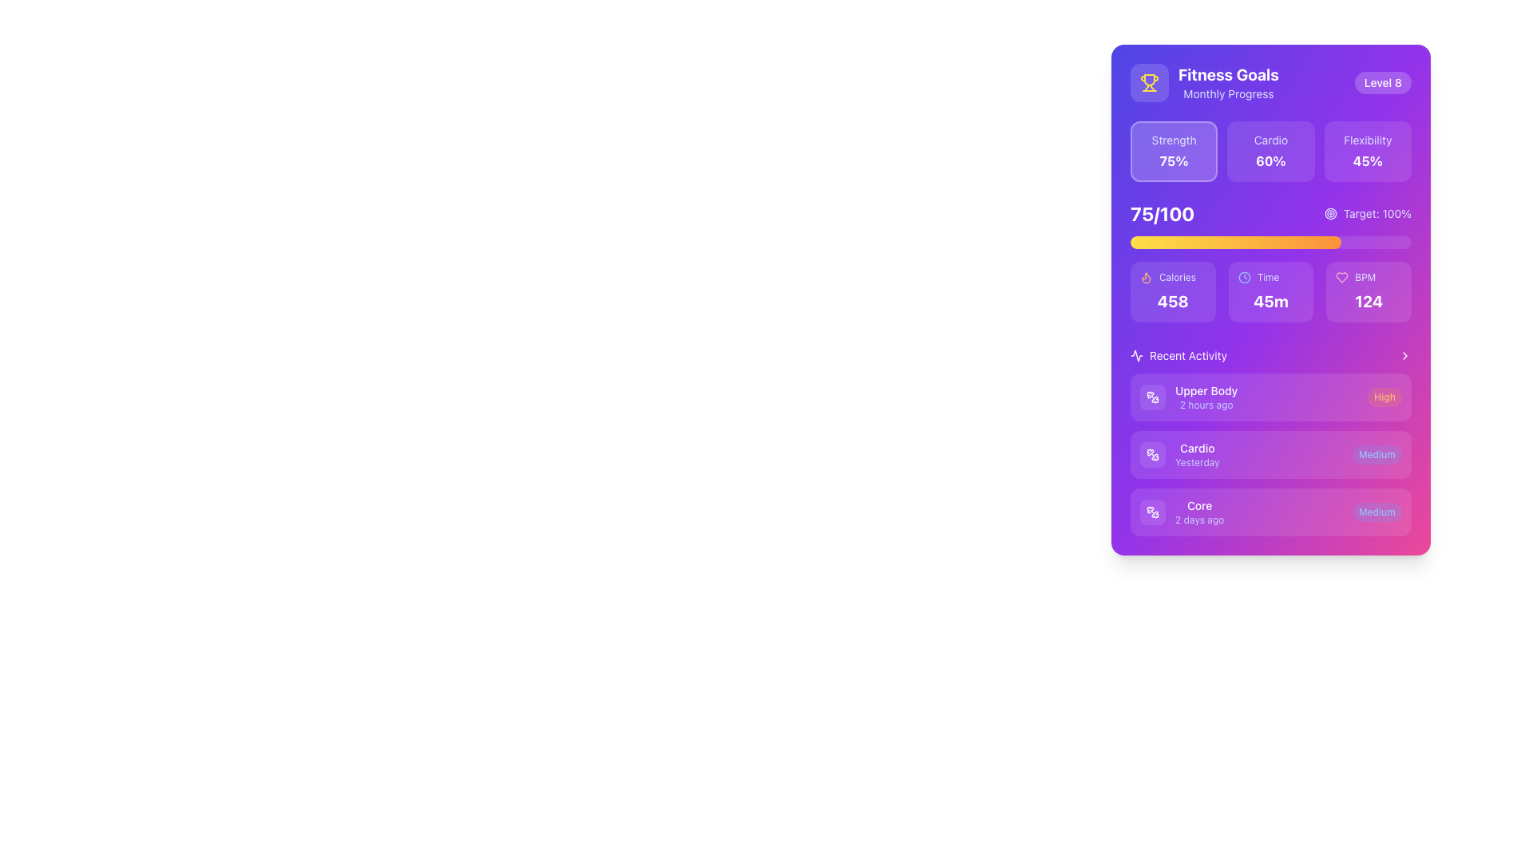 Image resolution: width=1533 pixels, height=862 pixels. I want to click on the text element displaying 'Target: 100%' with the adjacent circular target icon, located on the right side panel below the '75/100' progress text, so click(1367, 212).